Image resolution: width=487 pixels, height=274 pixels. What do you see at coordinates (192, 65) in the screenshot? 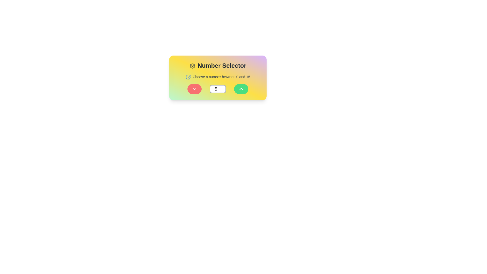
I see `the settings cog icon, which is a circular gear icon with protruding teeth, located to the left of the 'Number Selector' text` at bounding box center [192, 65].